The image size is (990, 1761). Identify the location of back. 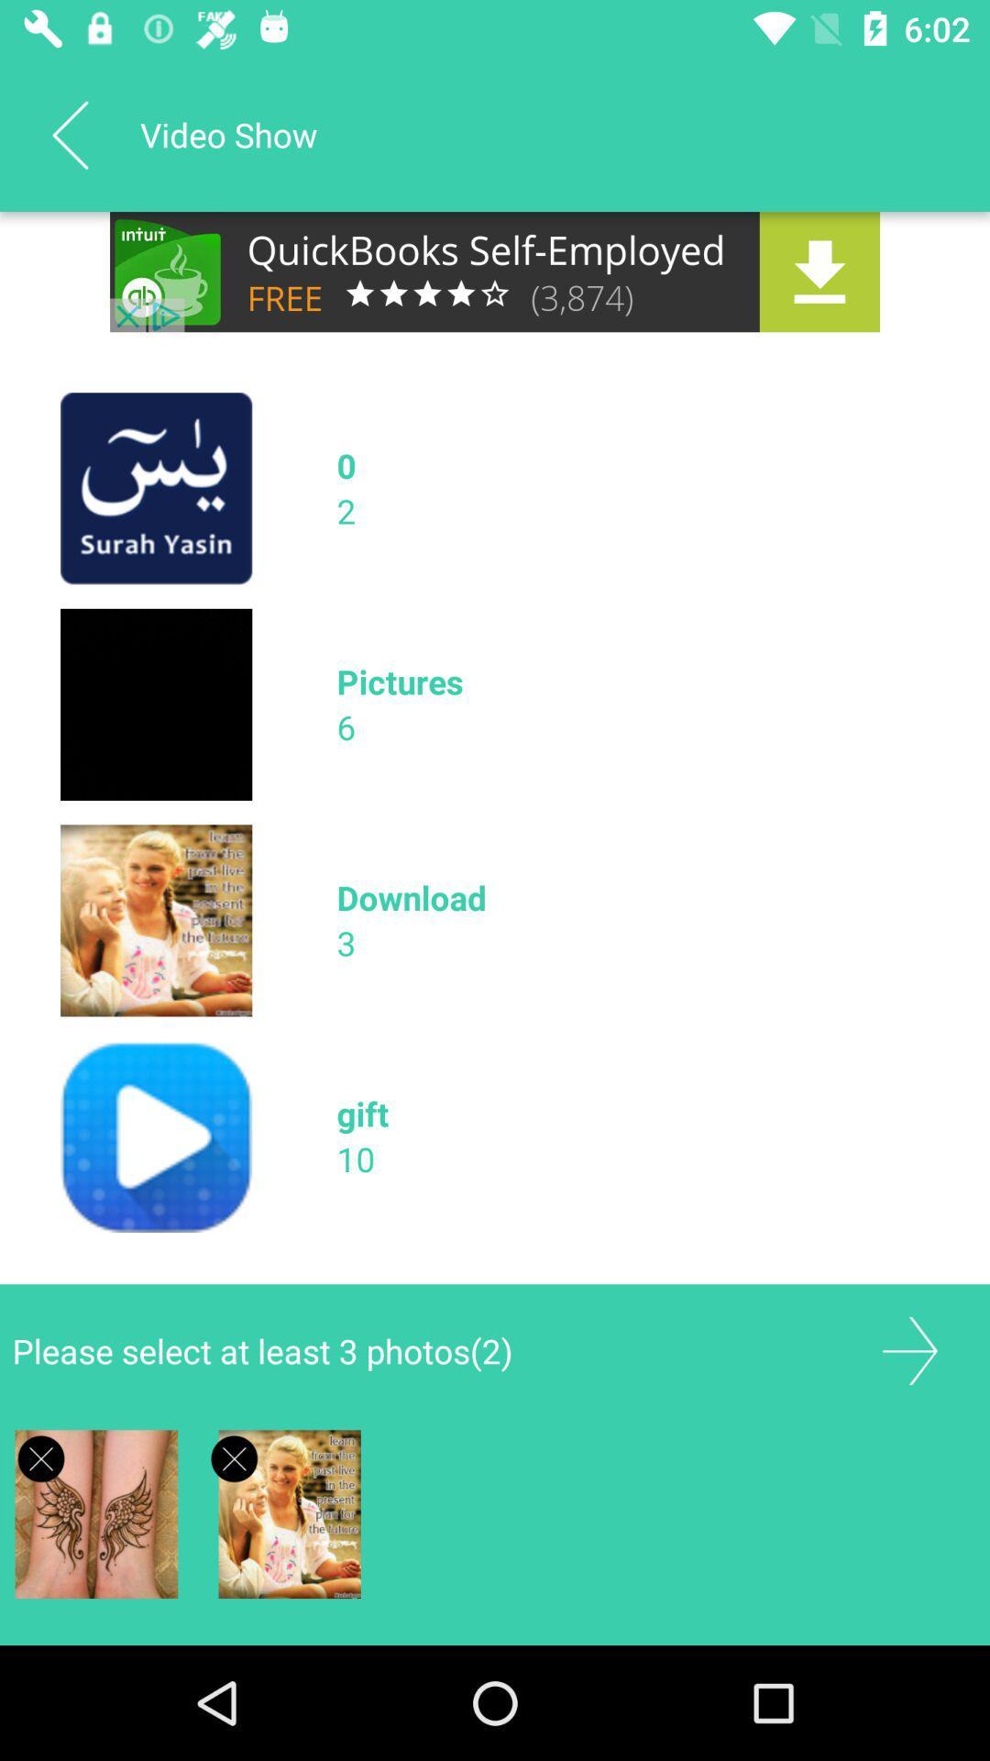
(69, 134).